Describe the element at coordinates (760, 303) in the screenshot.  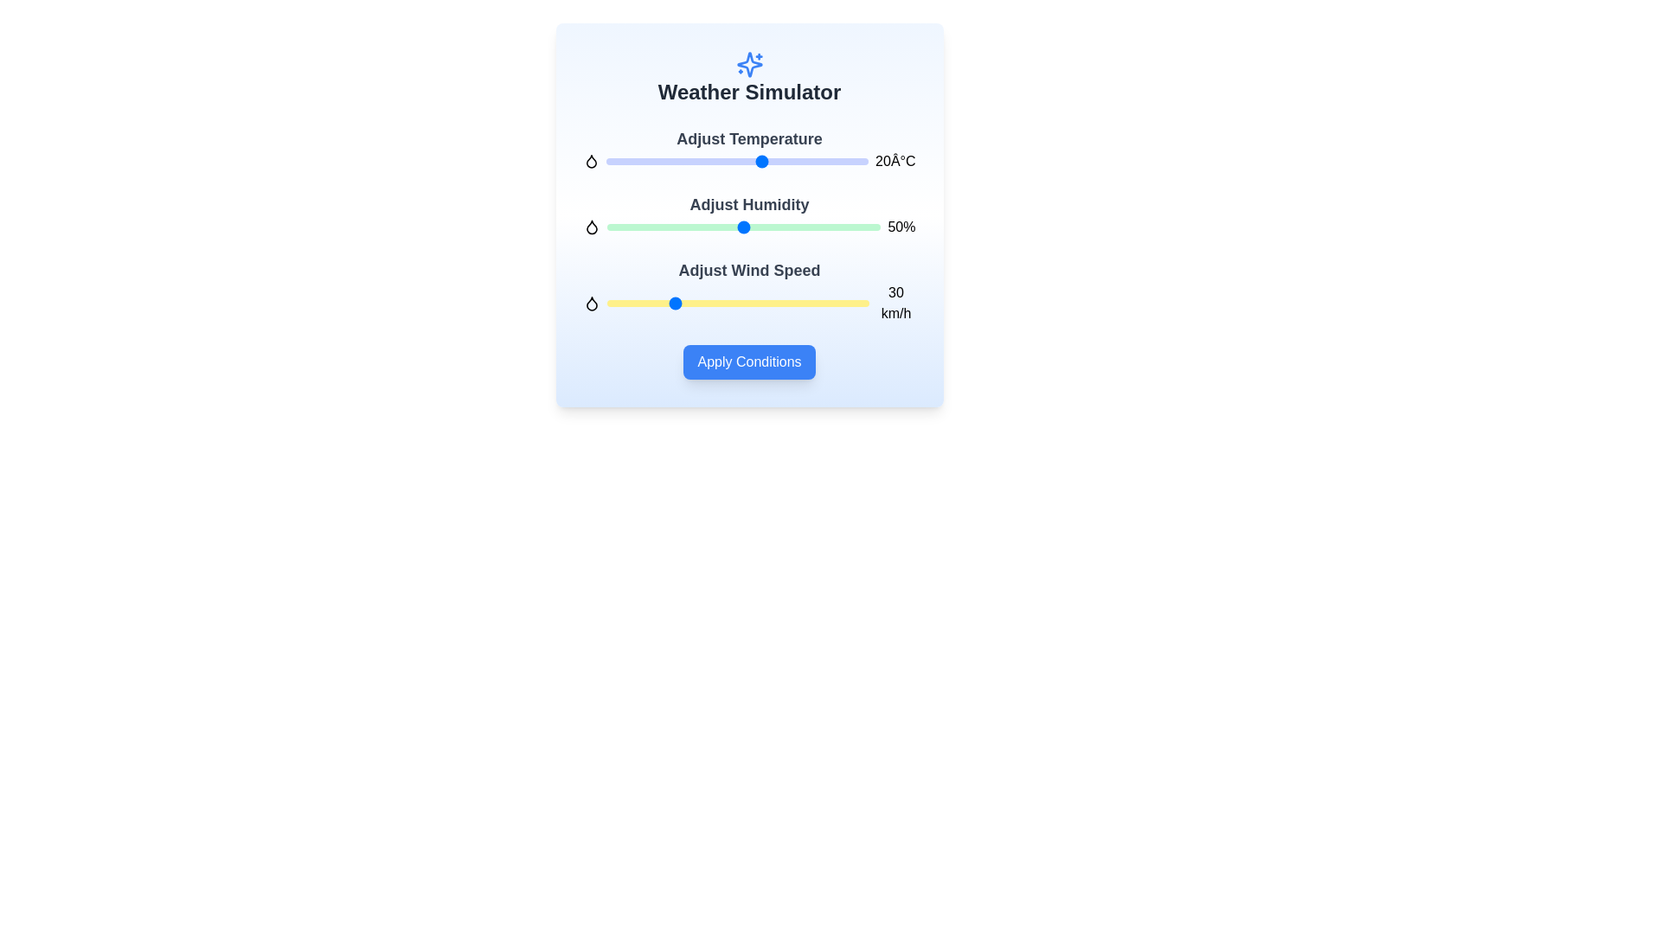
I see `the wind speed slider to 70 km/h` at that location.